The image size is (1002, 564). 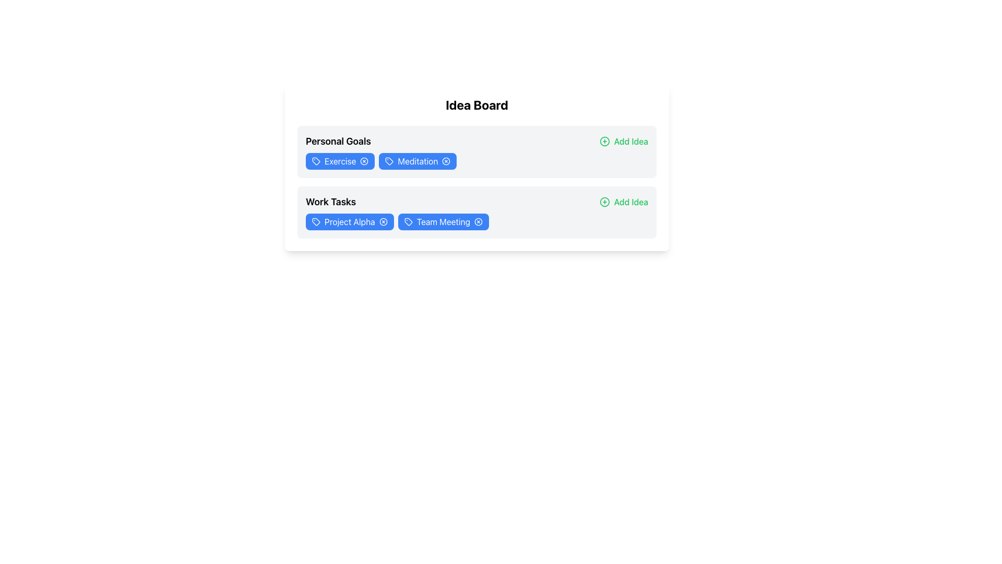 What do you see at coordinates (389, 161) in the screenshot?
I see `the icon associated with the 'Meditation' label, located within the blue button to the left of the text under the 'Personal Goals' header` at bounding box center [389, 161].